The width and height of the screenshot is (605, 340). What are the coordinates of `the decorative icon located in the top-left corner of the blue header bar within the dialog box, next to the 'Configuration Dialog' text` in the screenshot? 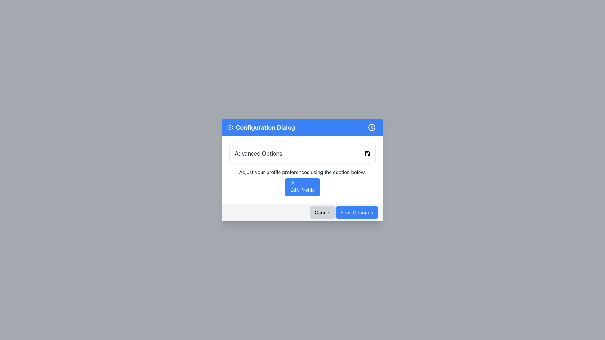 It's located at (229, 127).